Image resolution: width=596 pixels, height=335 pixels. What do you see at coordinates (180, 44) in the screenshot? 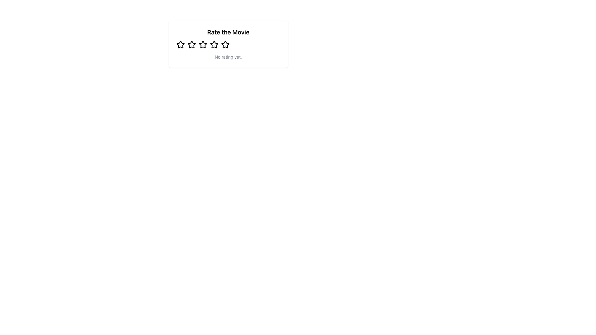
I see `the first star icon` at bounding box center [180, 44].